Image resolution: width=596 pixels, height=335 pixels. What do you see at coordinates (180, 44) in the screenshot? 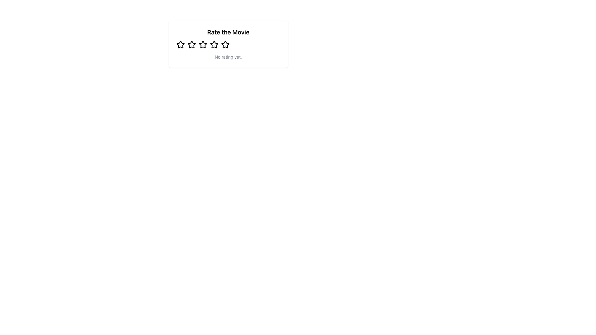
I see `the first star icon` at bounding box center [180, 44].